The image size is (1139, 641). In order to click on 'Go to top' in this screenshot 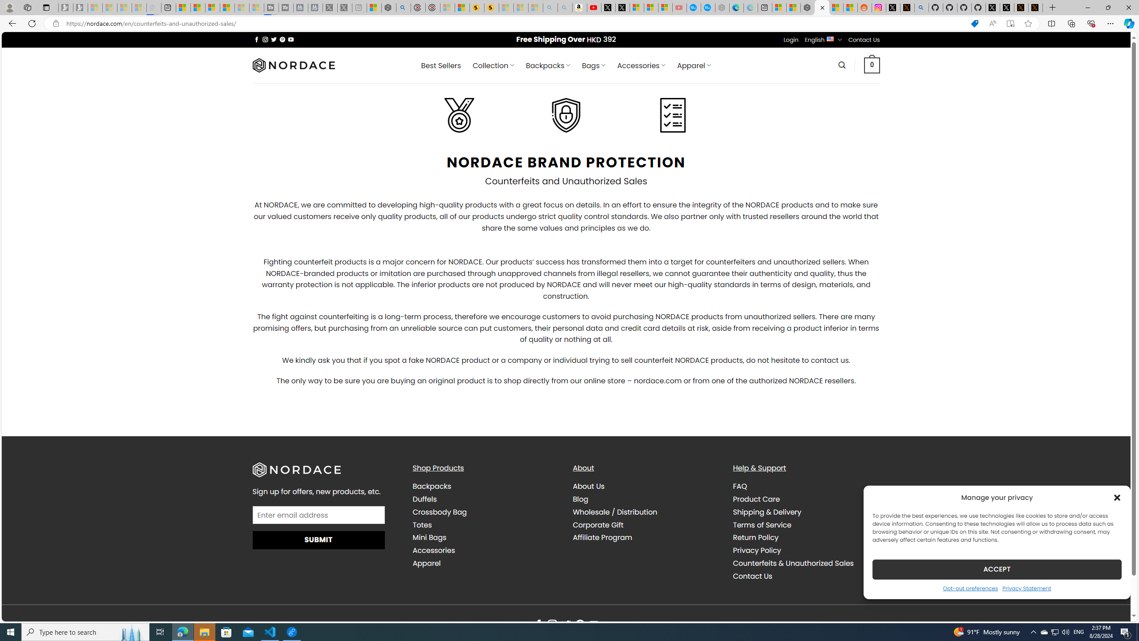, I will do `click(1111, 609)`.